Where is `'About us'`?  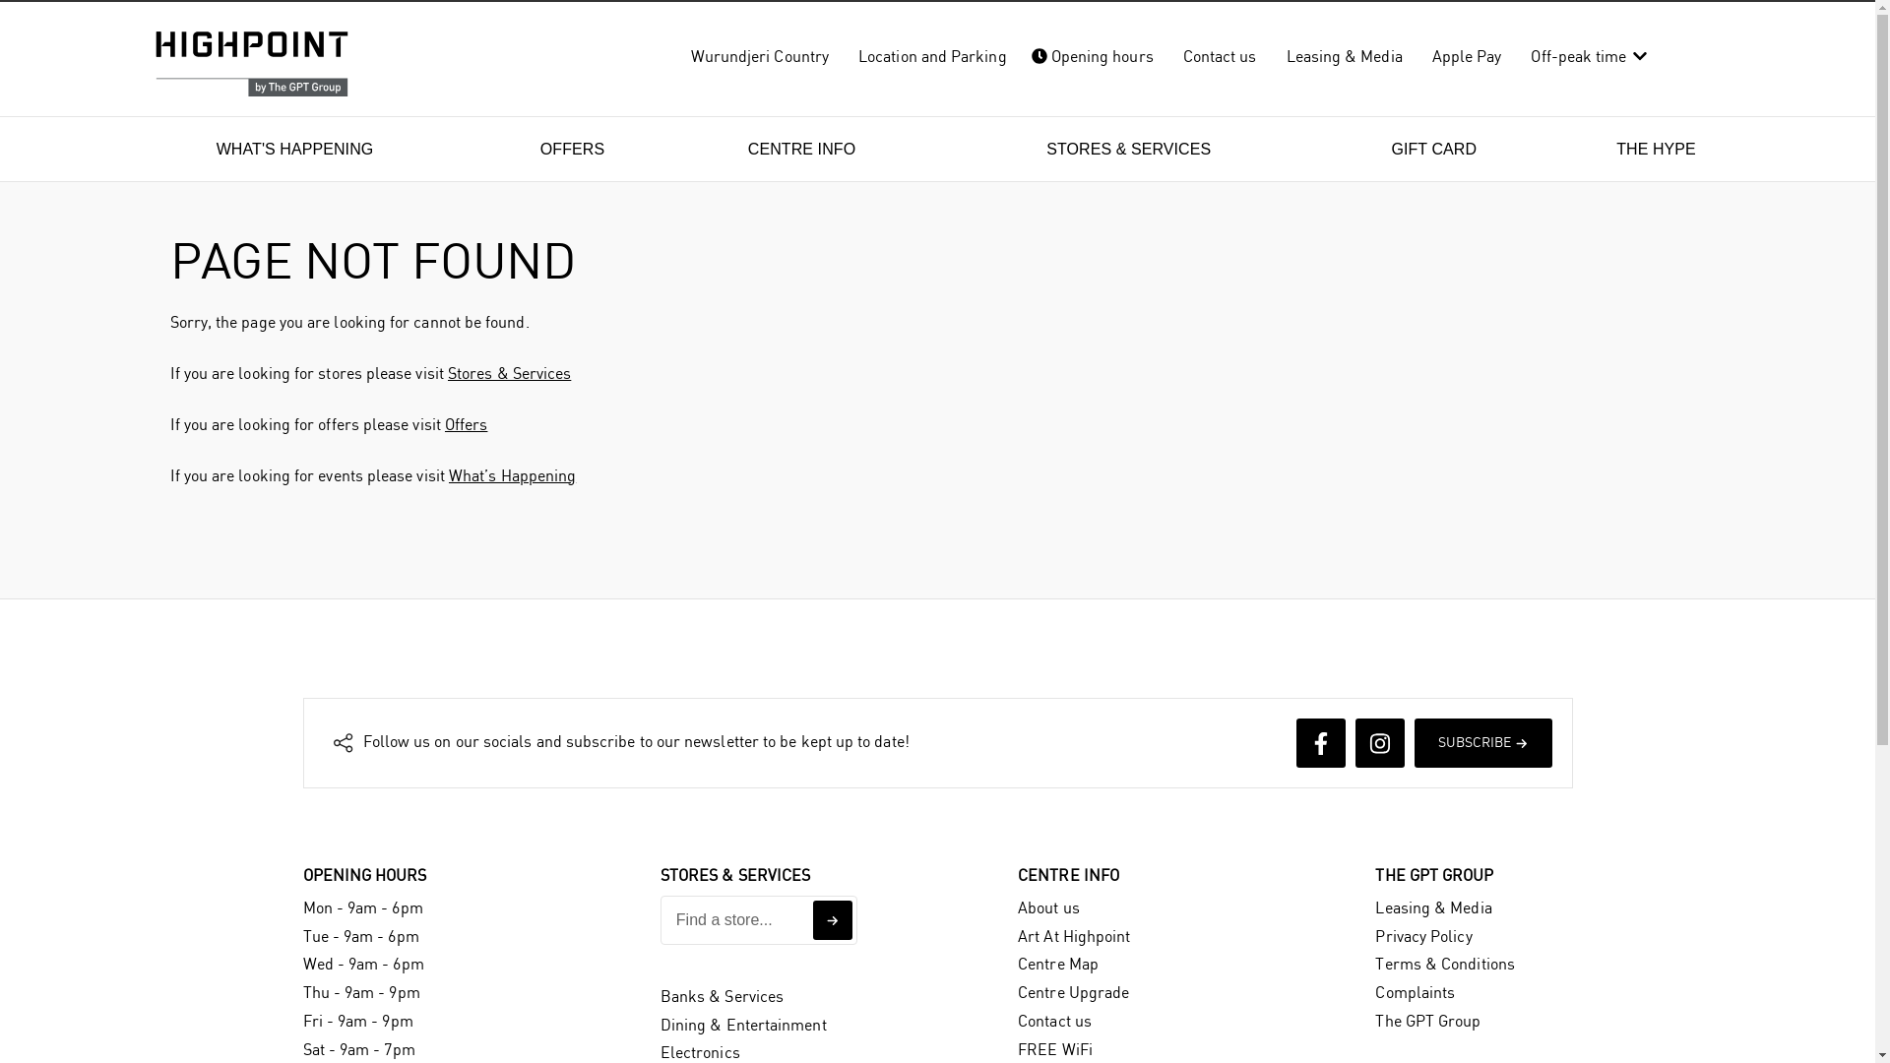 'About us' is located at coordinates (1047, 908).